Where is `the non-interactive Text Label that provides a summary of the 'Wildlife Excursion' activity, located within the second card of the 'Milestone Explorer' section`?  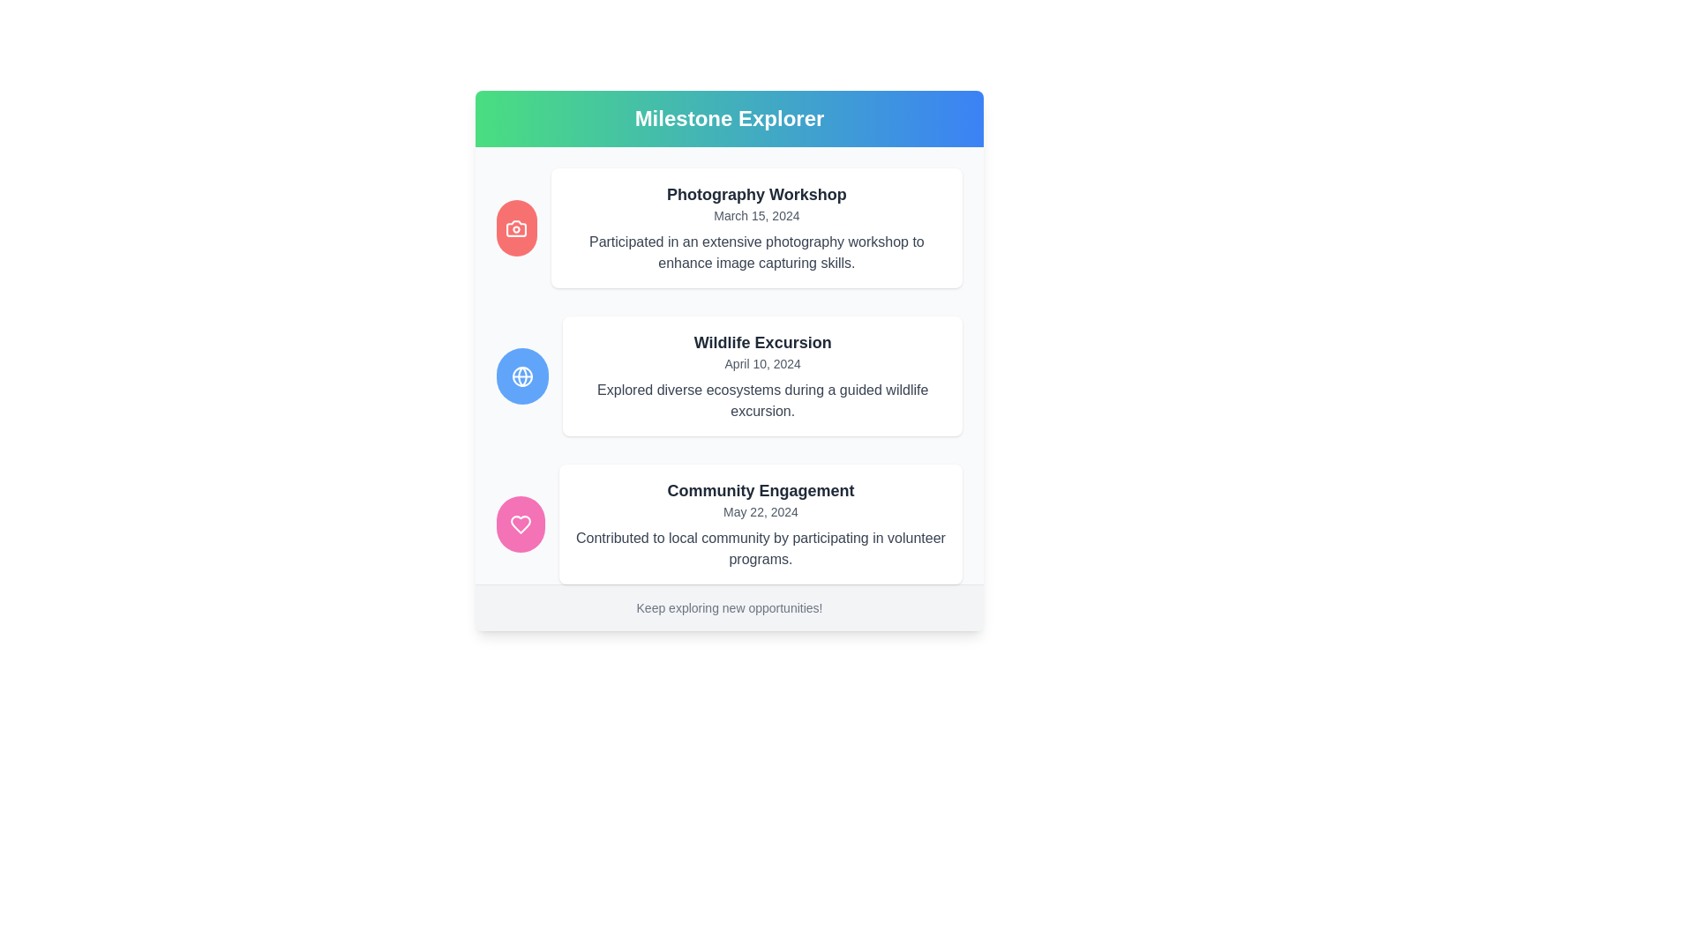 the non-interactive Text Label that provides a summary of the 'Wildlife Excursion' activity, located within the second card of the 'Milestone Explorer' section is located at coordinates (762, 401).